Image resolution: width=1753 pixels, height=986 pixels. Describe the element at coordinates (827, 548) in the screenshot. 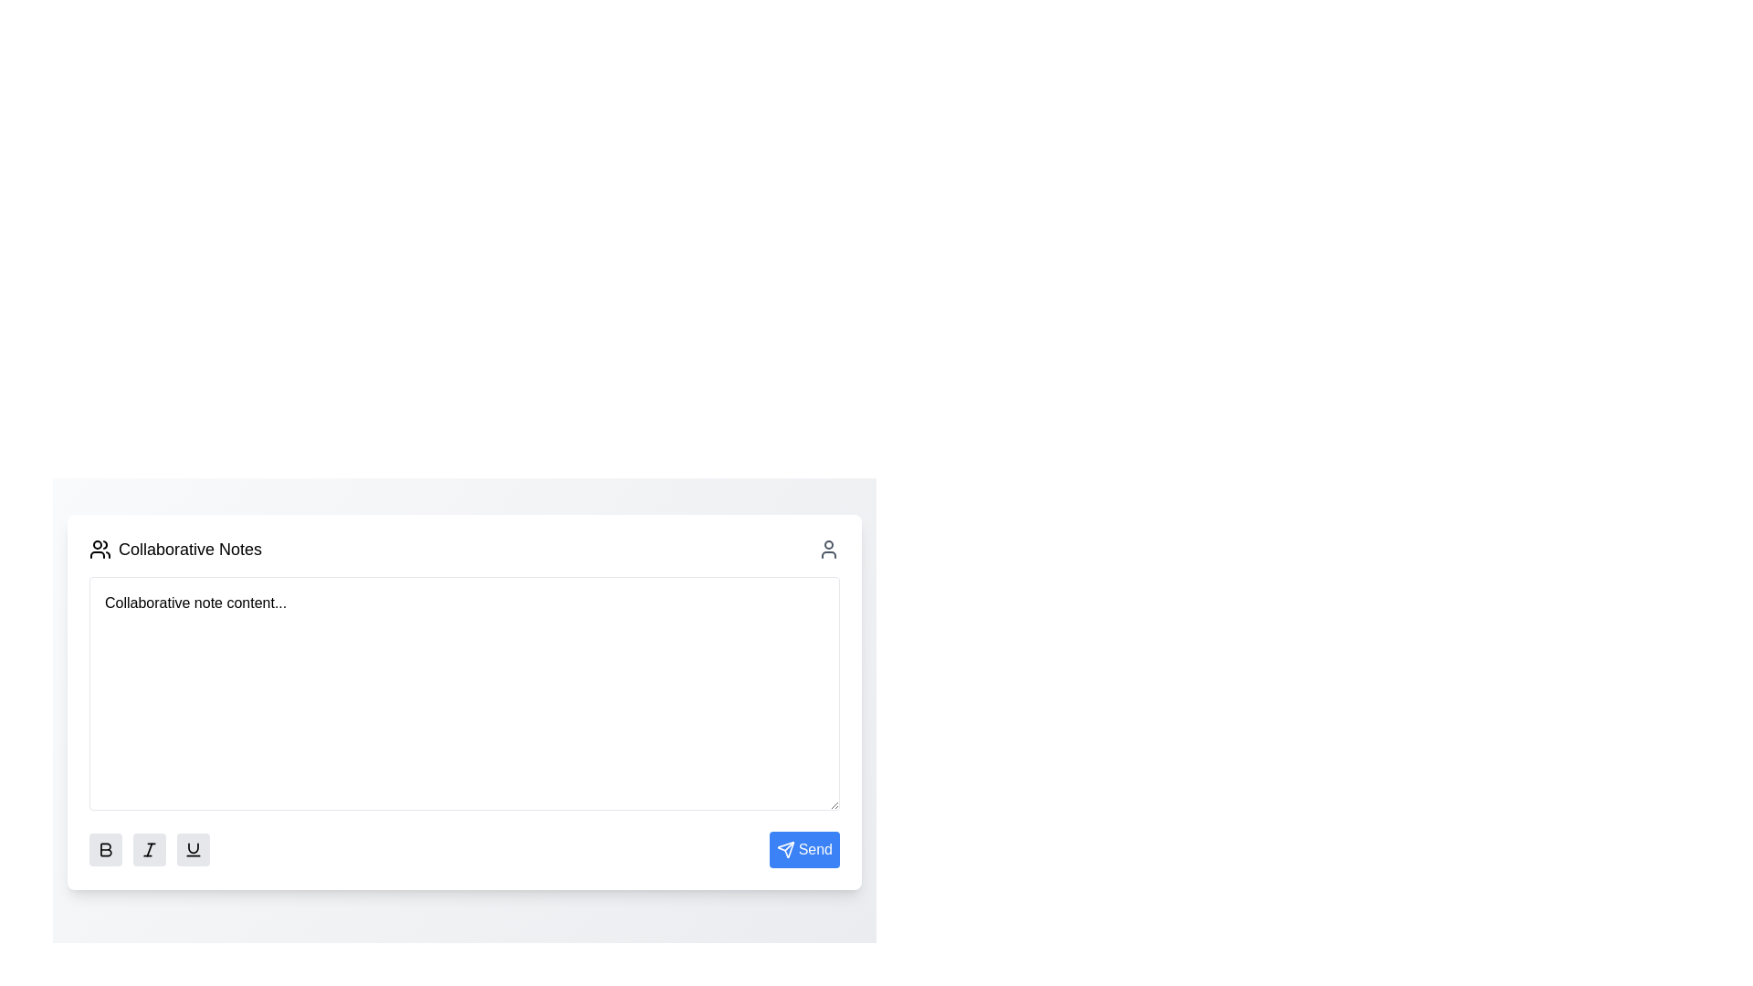

I see `the user profile icon in the top-right corner of the header bar within the 'Collaborative Notes' section` at that location.